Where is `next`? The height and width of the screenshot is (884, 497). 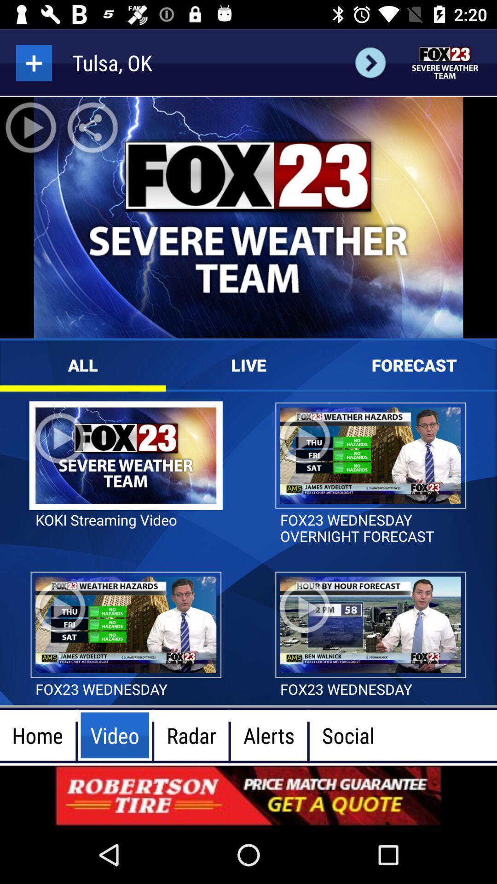 next is located at coordinates (370, 62).